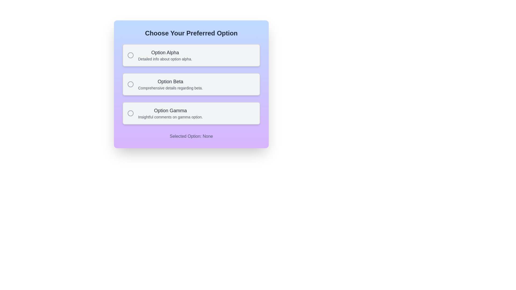  What do you see at coordinates (191, 84) in the screenshot?
I see `the Selector Option Item labeled 'Option Beta', which features a prominent text label and a description below it, located in the second position among a vertically stacked group of similar blocks` at bounding box center [191, 84].